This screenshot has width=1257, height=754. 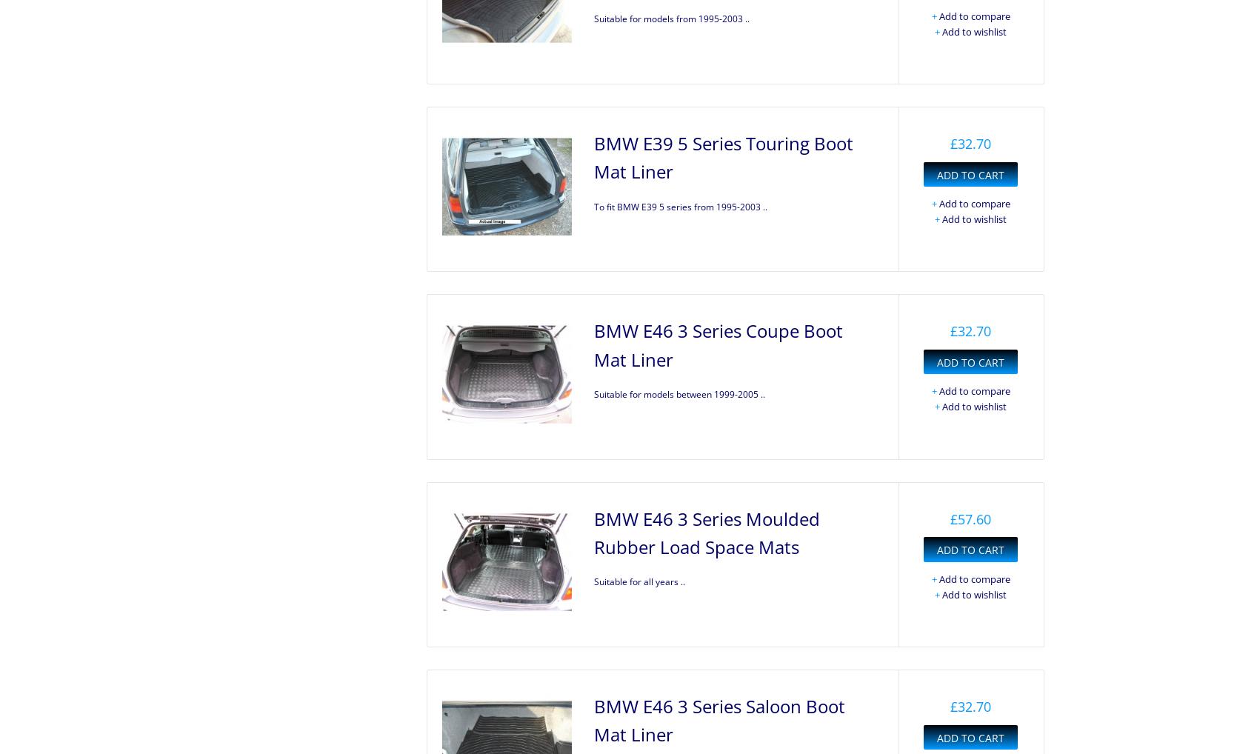 I want to click on 'Suitable for all years
..', so click(x=638, y=581).